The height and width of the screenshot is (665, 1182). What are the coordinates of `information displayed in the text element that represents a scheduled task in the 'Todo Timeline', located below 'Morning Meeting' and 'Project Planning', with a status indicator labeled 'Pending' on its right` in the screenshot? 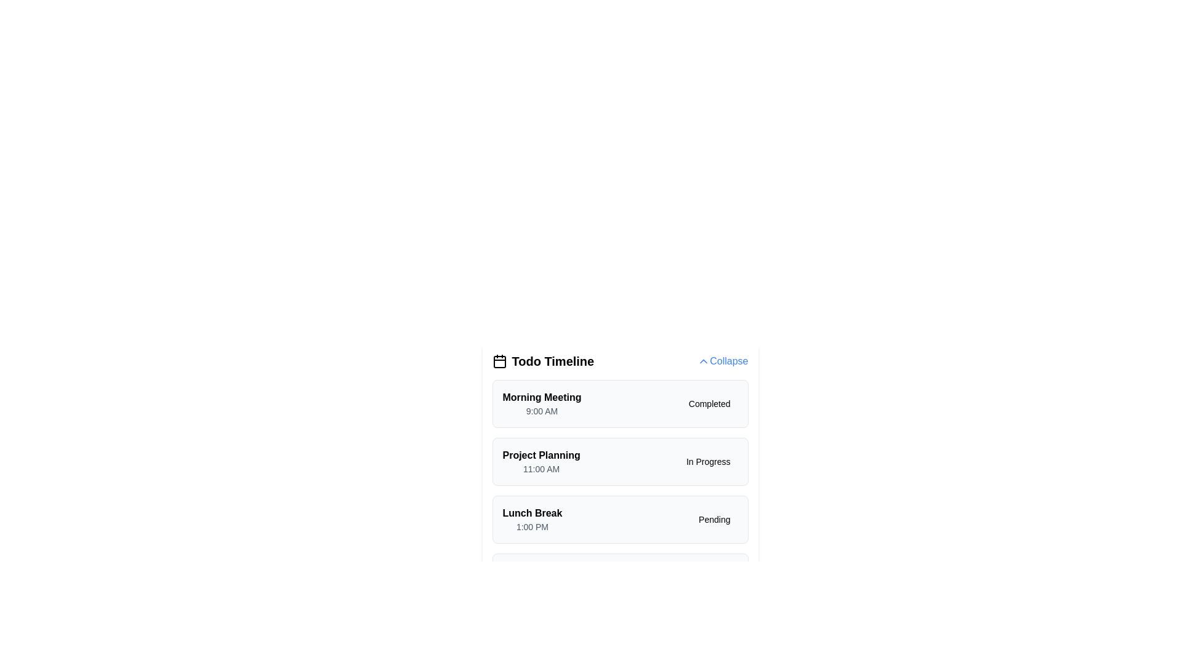 It's located at (532, 520).